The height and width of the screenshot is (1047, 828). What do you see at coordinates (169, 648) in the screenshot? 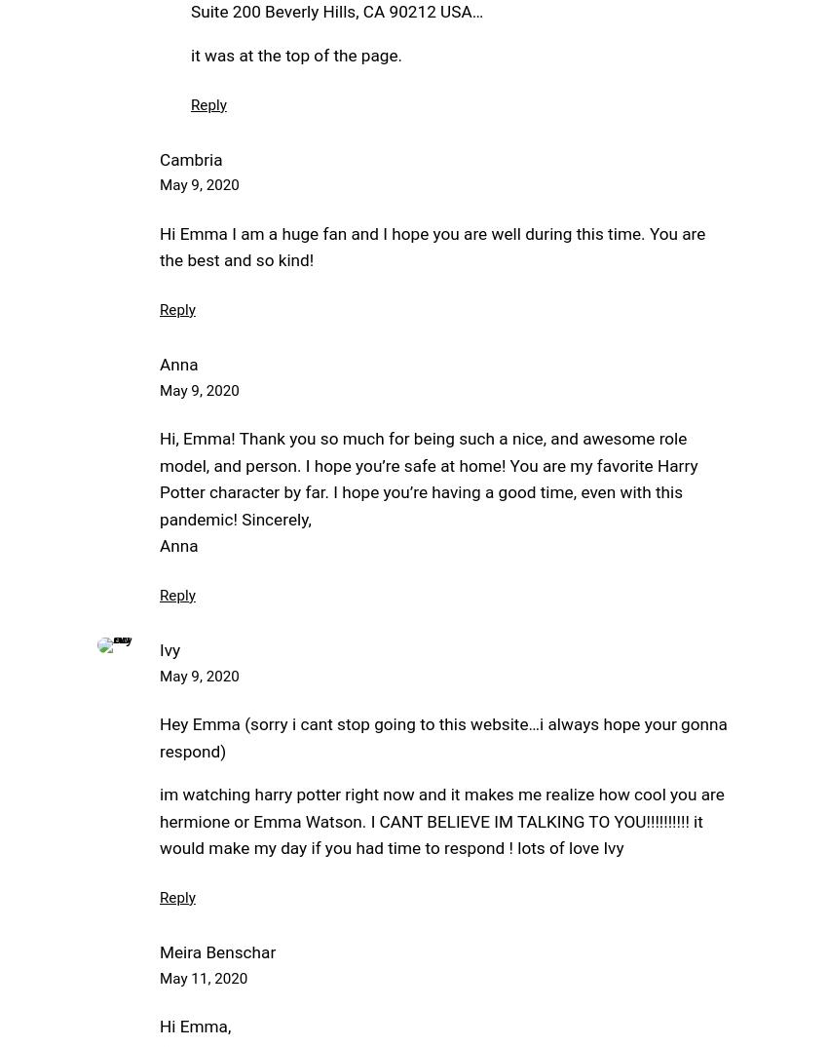
I see `'Ivy'` at bounding box center [169, 648].